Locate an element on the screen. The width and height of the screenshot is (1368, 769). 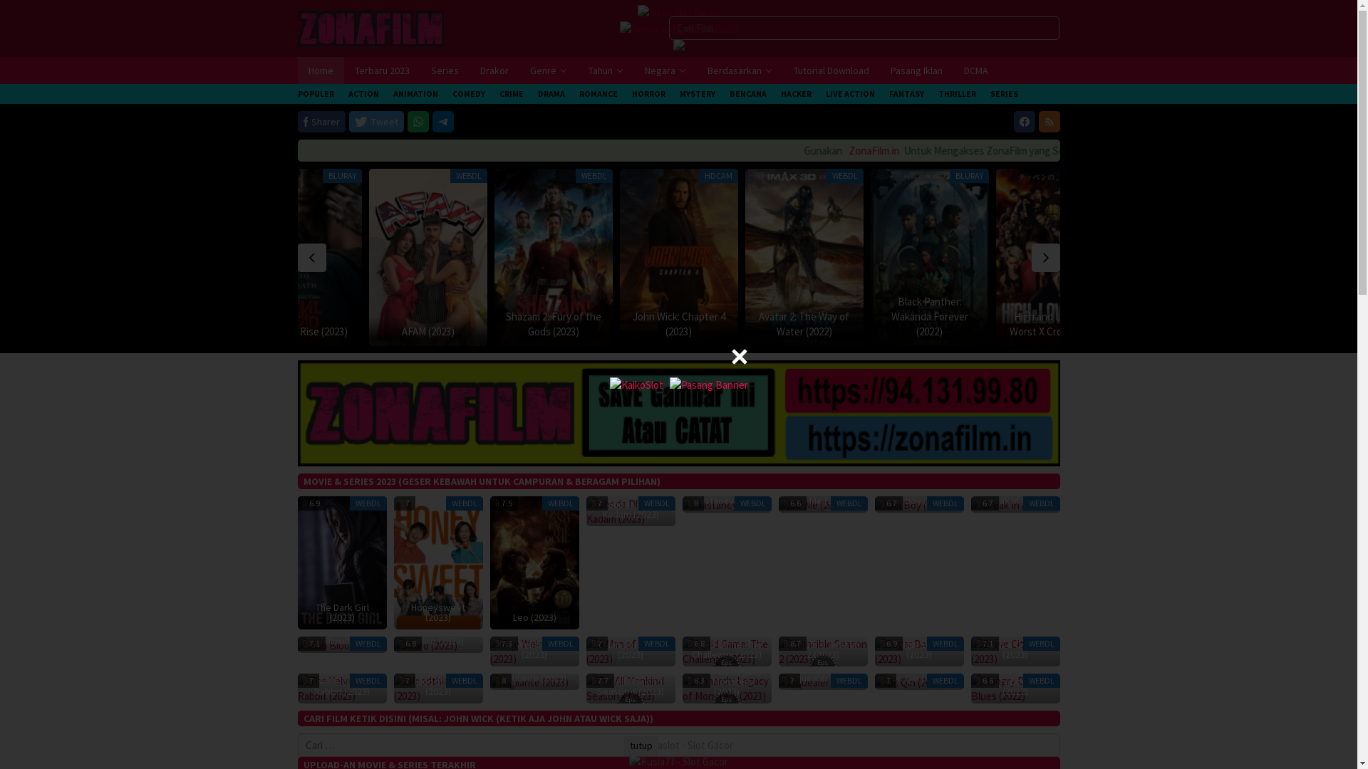
'Invincible Season 2 (2023)' is located at coordinates (822, 651).